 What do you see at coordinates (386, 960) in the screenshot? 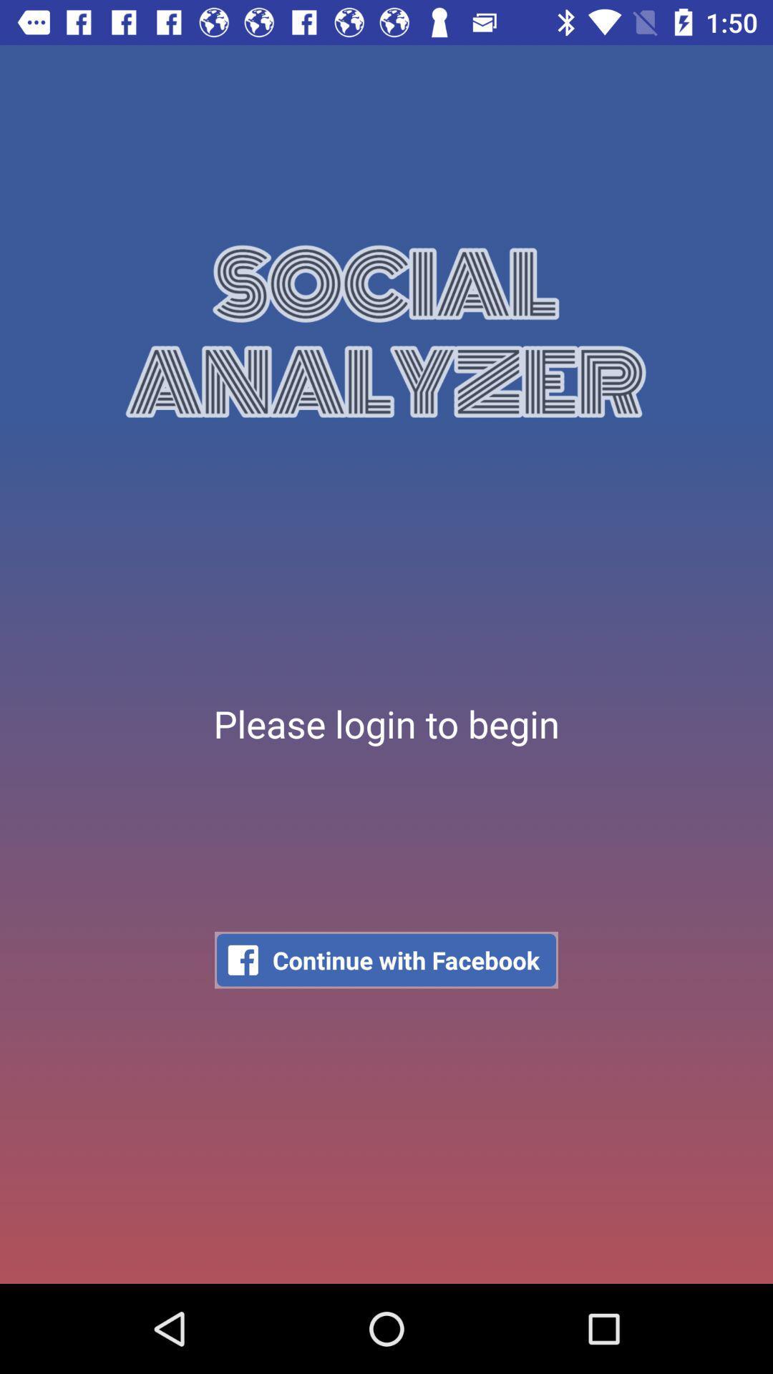
I see `item below please login to item` at bounding box center [386, 960].